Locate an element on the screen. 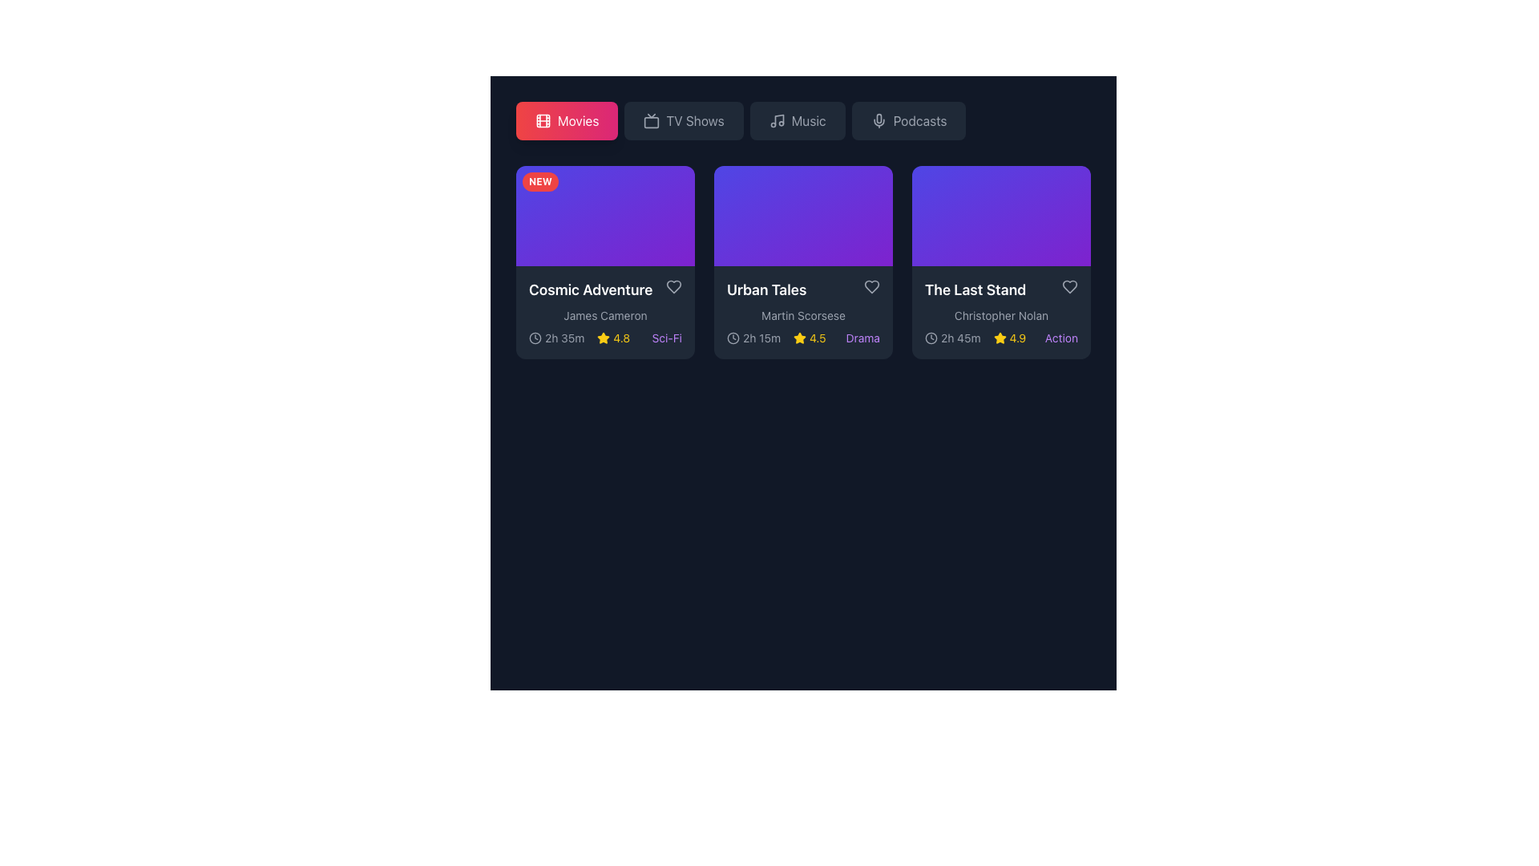  the circular play button with a white background and purple hue located at the center of the 'Urban Tales' card to play is located at coordinates (803, 215).